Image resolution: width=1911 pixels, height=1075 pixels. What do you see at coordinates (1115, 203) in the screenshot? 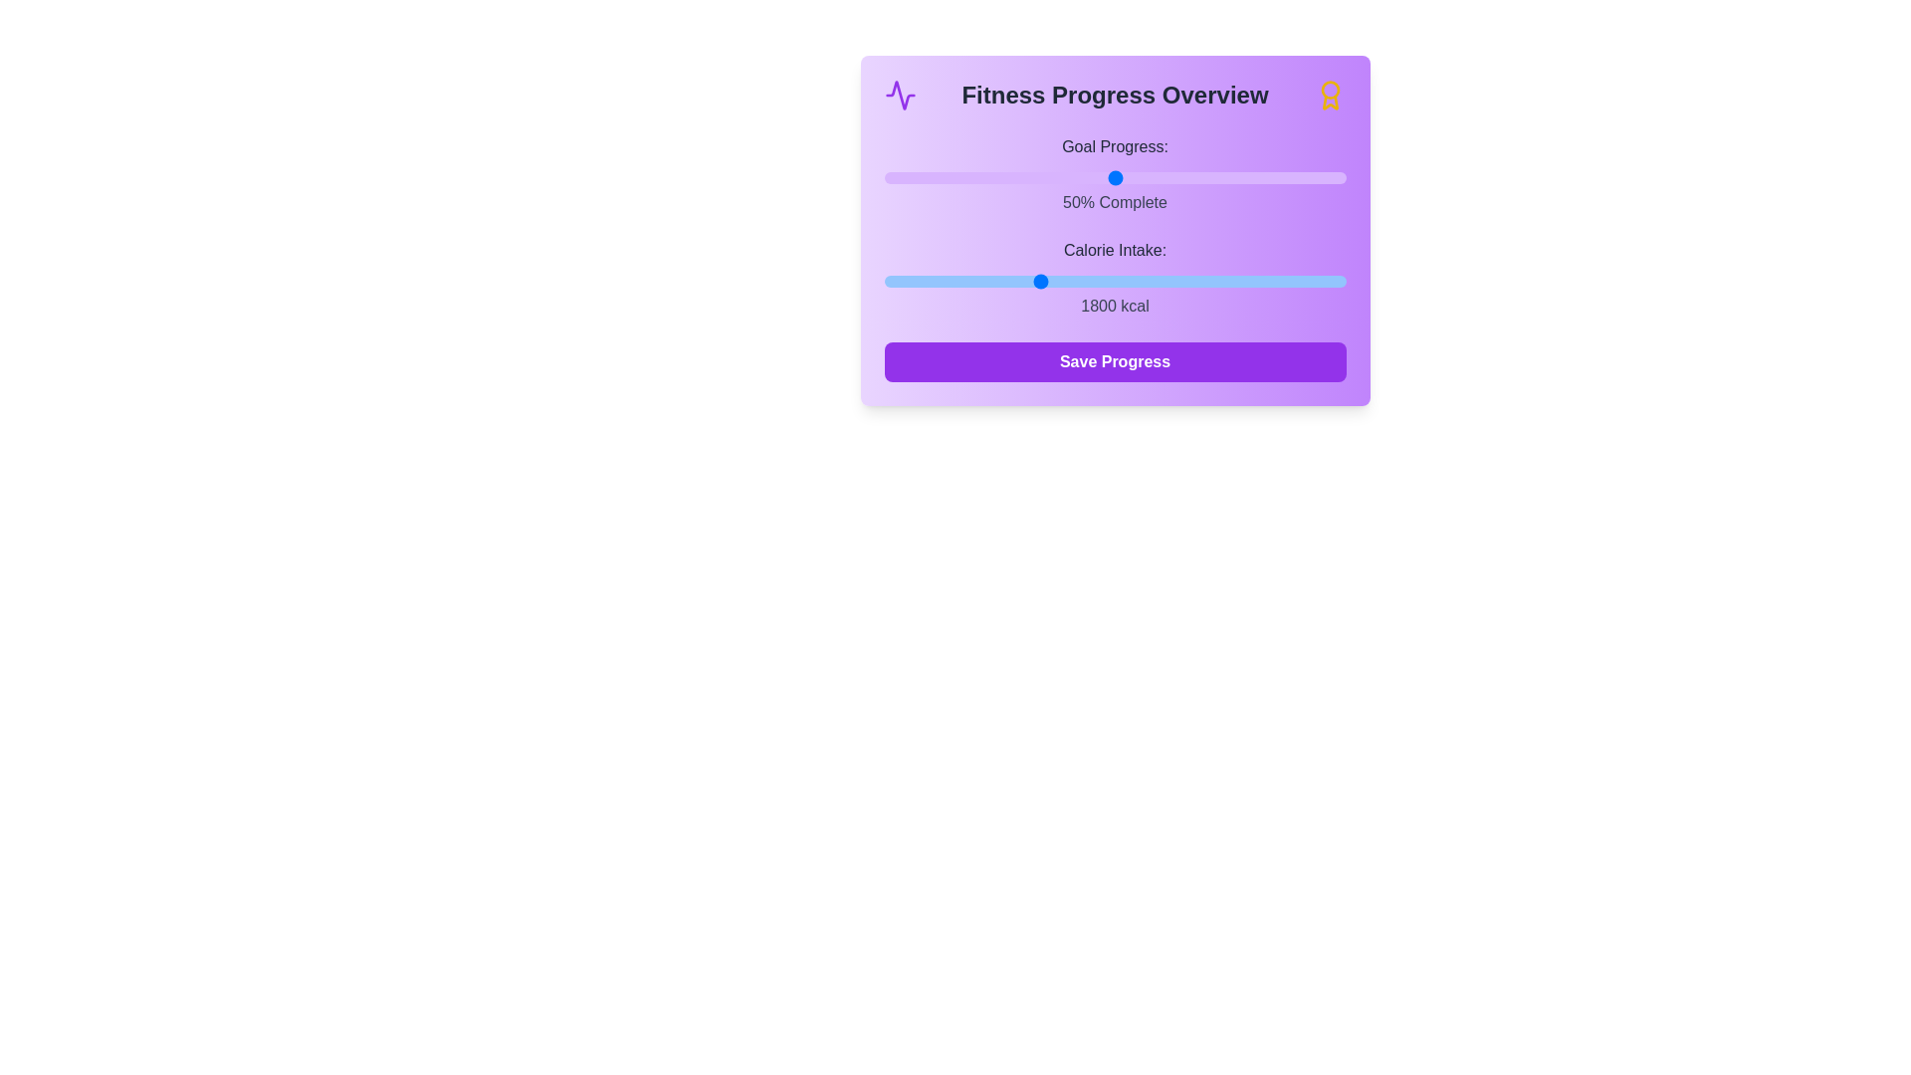
I see `the text label displaying '50% Complete' which is centered in gray color on a purple background, located at the bottom of the 'Goal Progress' section, directly below the progress bar` at bounding box center [1115, 203].